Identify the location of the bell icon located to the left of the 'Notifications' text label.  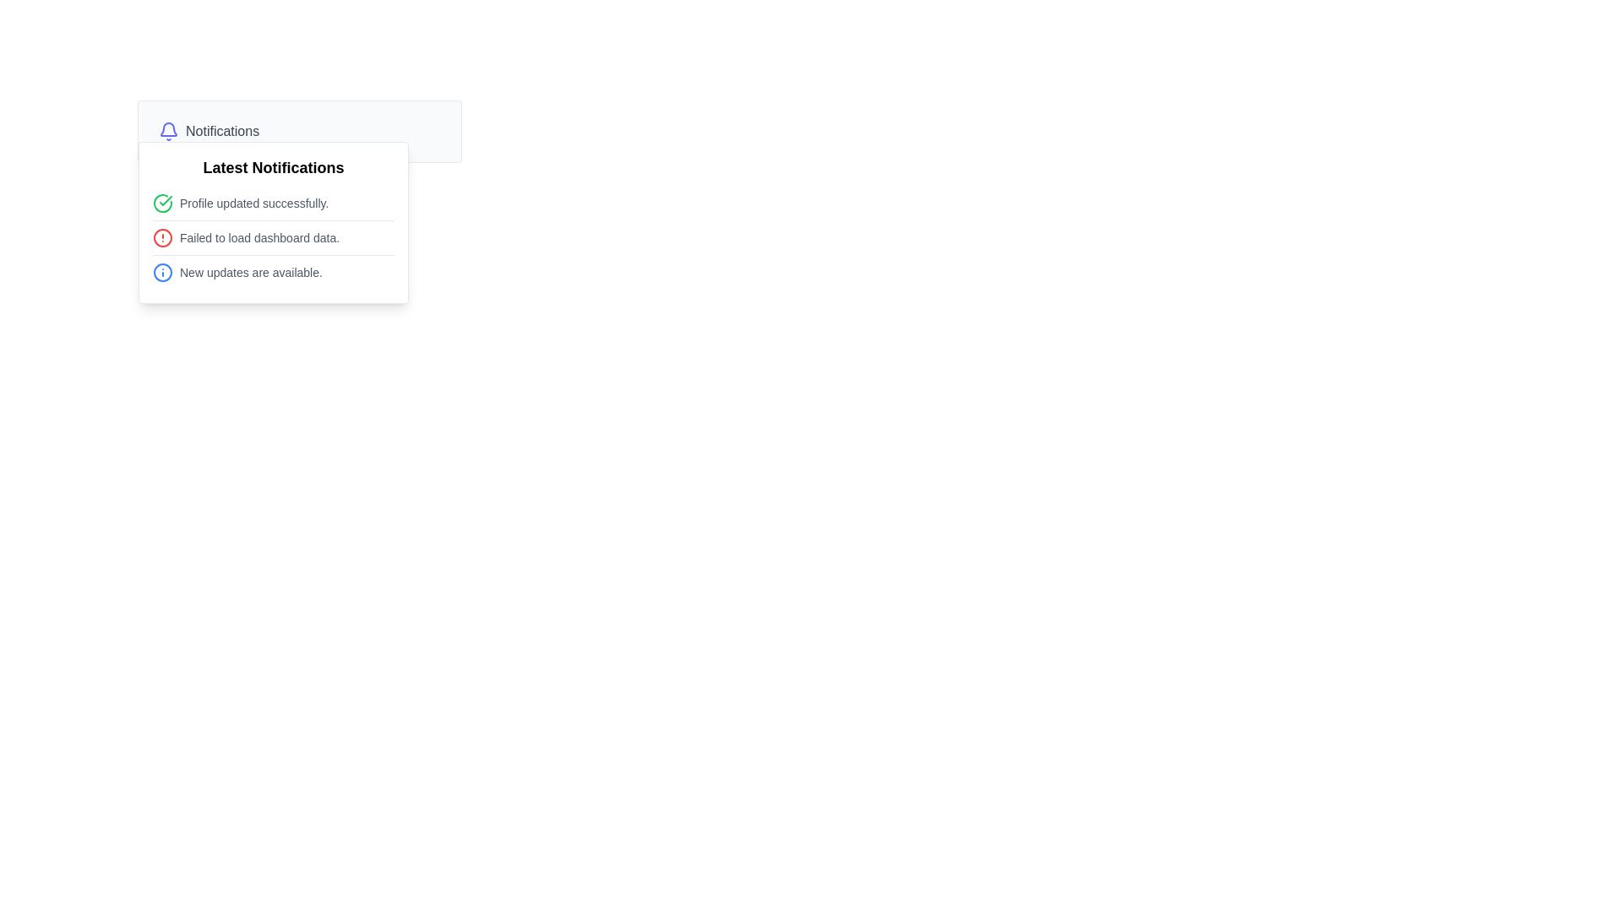
(169, 130).